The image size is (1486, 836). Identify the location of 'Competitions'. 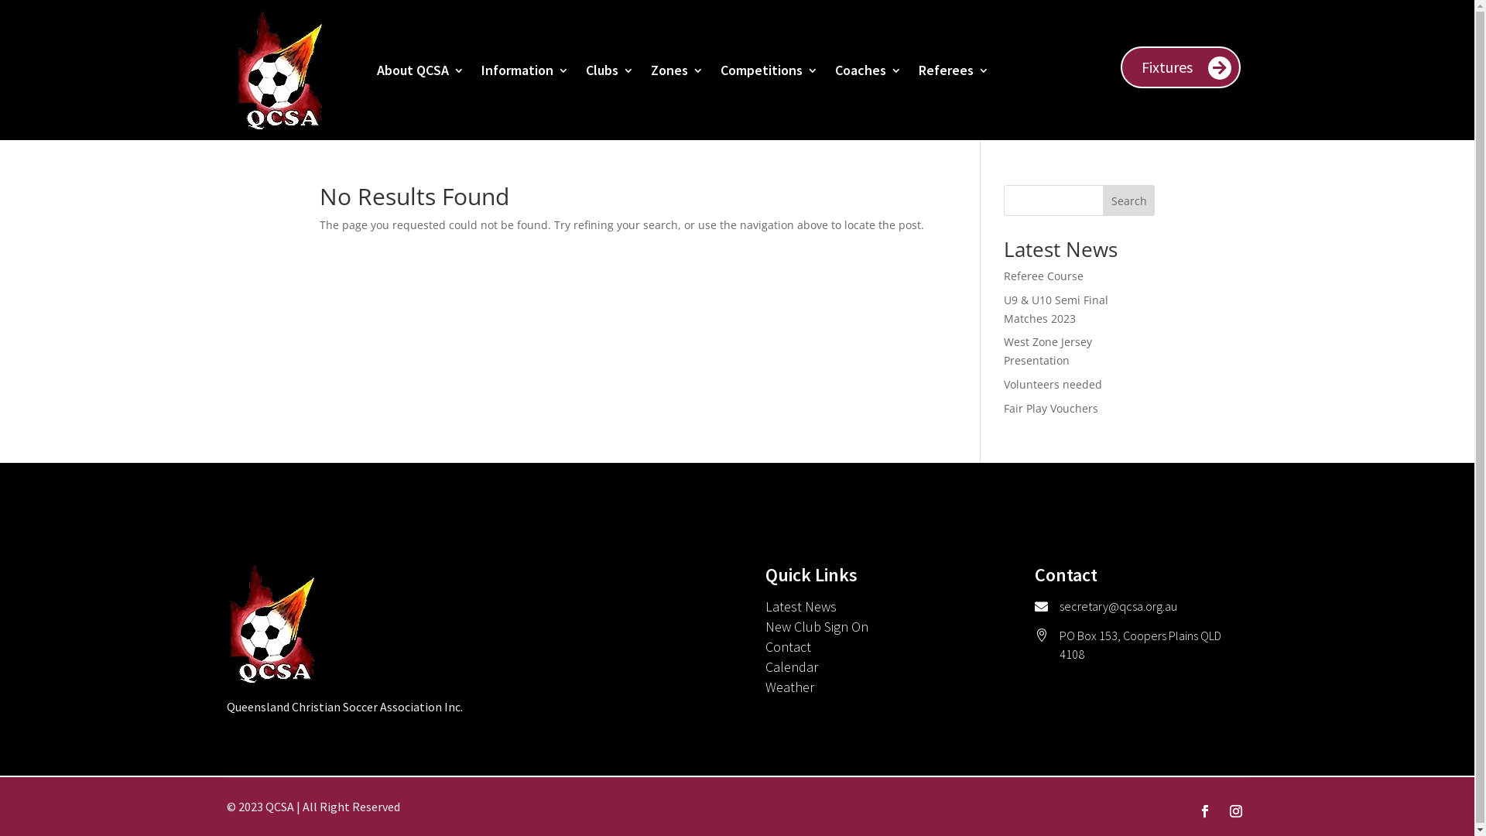
(769, 70).